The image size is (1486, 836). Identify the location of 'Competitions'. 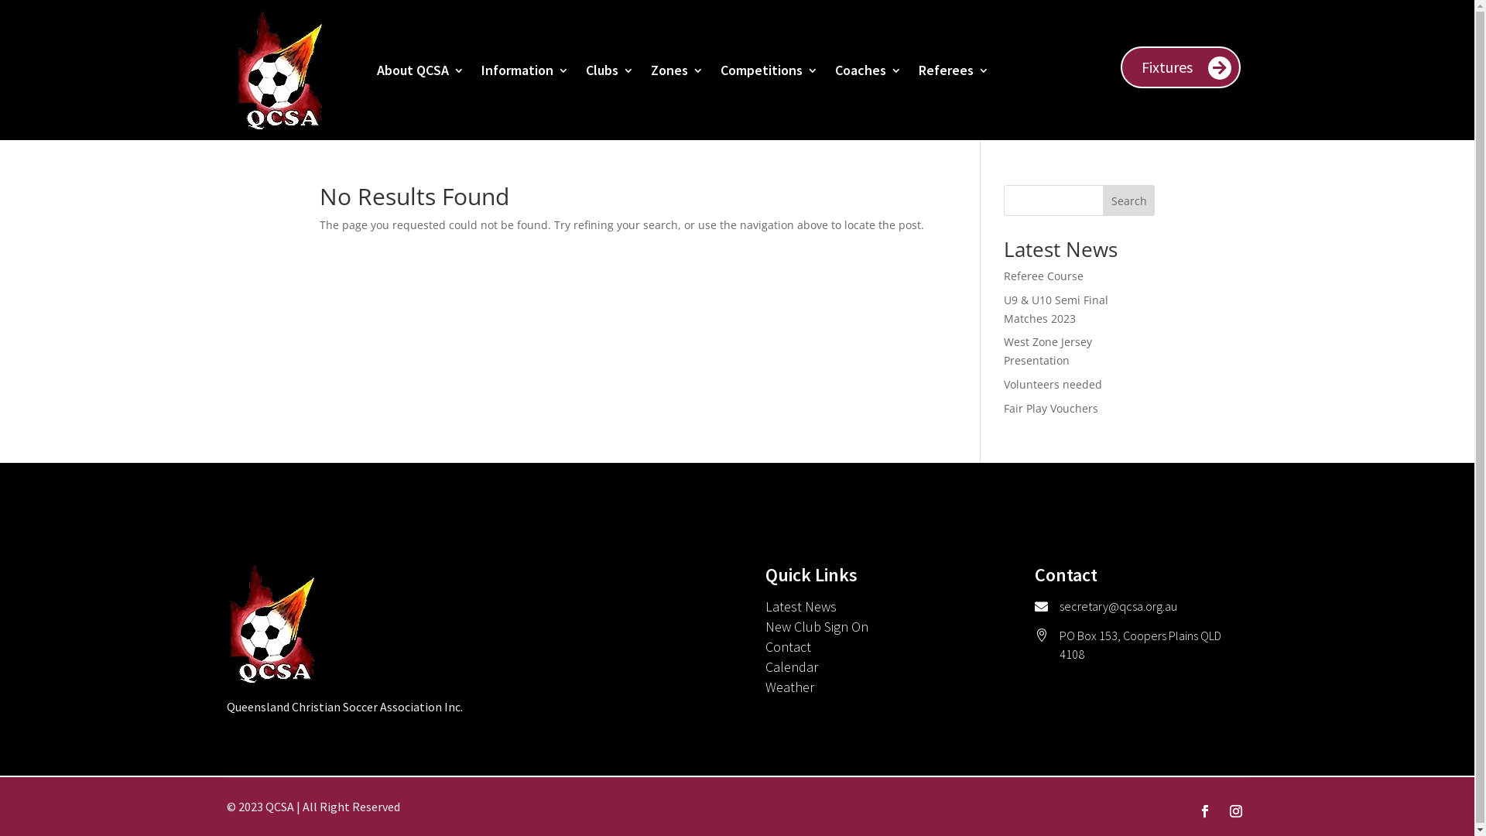
(769, 70).